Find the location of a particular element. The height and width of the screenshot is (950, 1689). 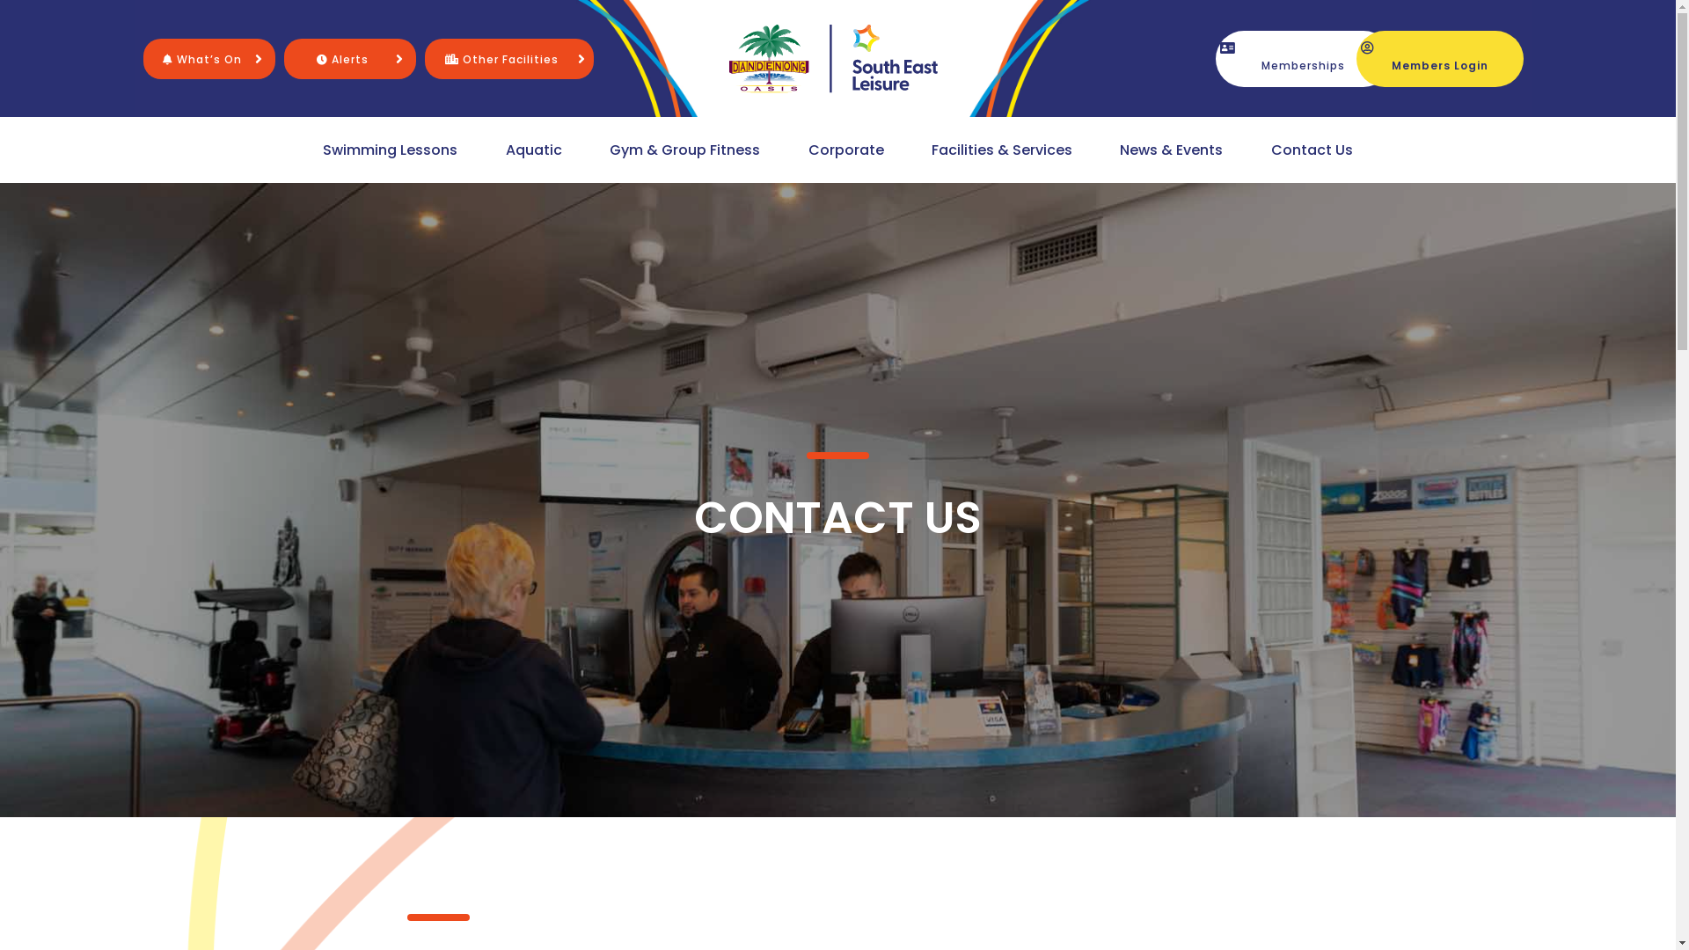

'Corporate' is located at coordinates (845, 149).